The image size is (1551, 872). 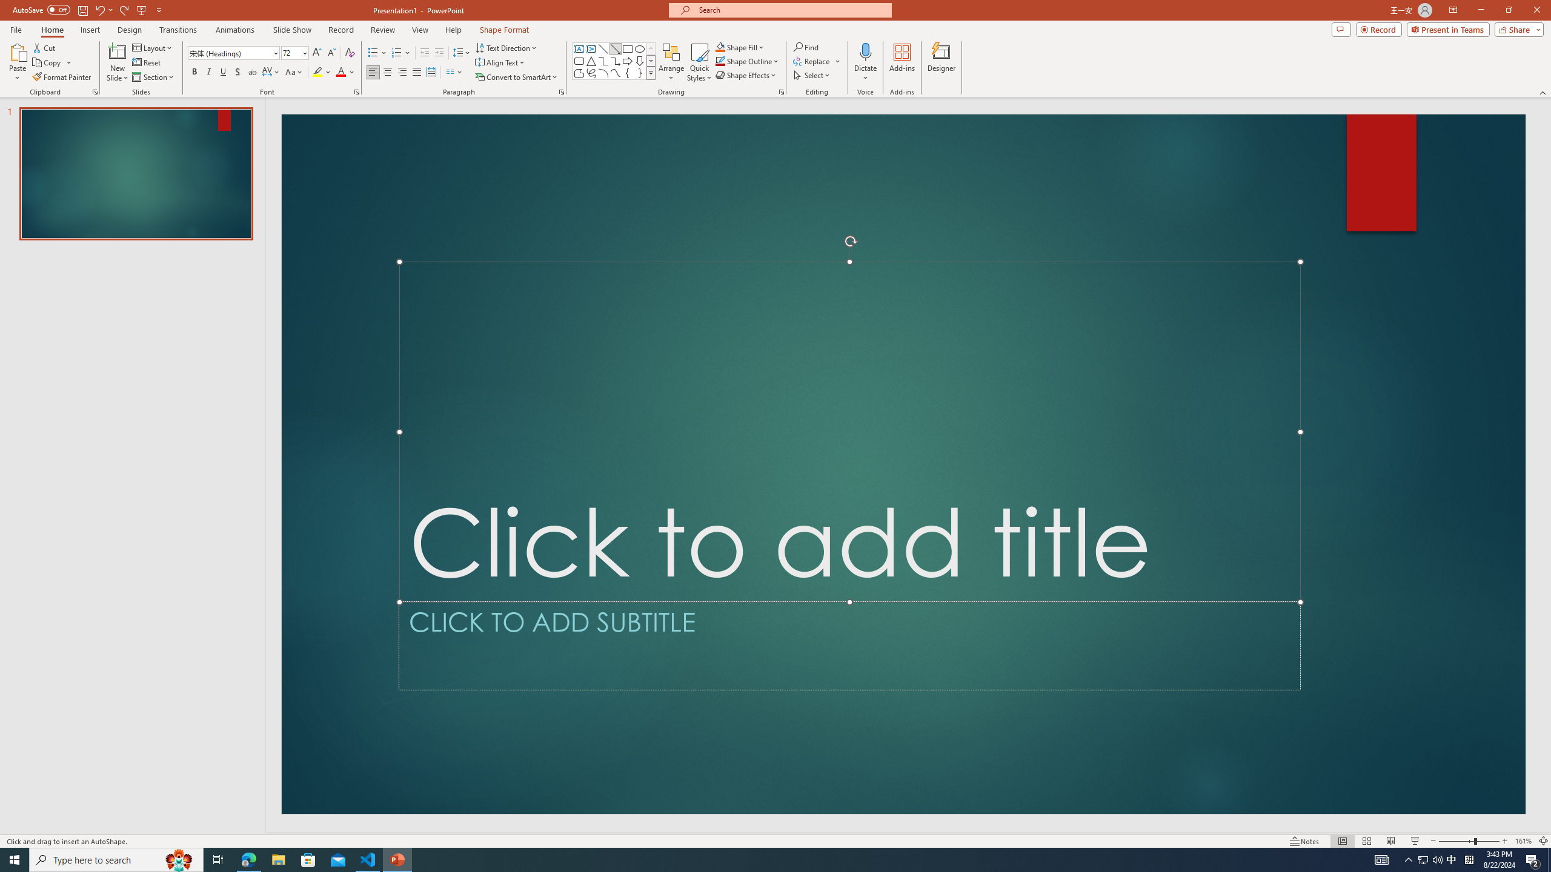 I want to click on 'Decrease Indent', so click(x=425, y=53).